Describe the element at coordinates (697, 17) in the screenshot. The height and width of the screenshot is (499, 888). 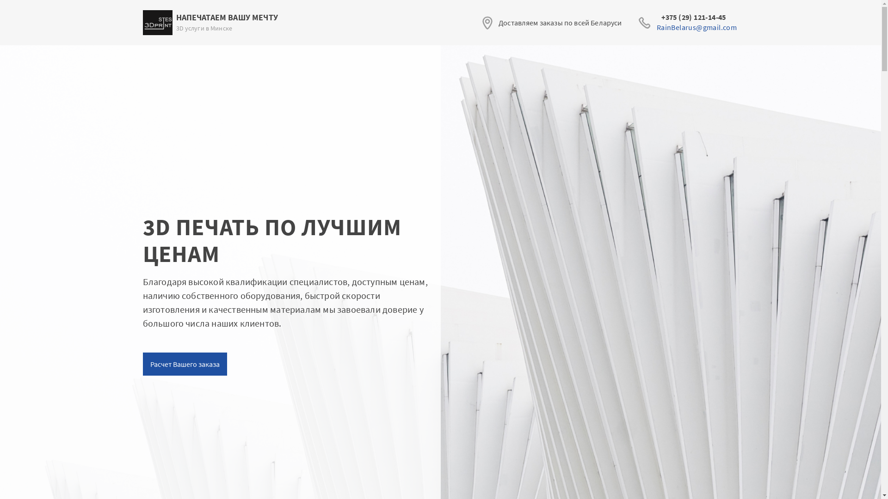
I see `'    +375 (29) 121-14-45'` at that location.